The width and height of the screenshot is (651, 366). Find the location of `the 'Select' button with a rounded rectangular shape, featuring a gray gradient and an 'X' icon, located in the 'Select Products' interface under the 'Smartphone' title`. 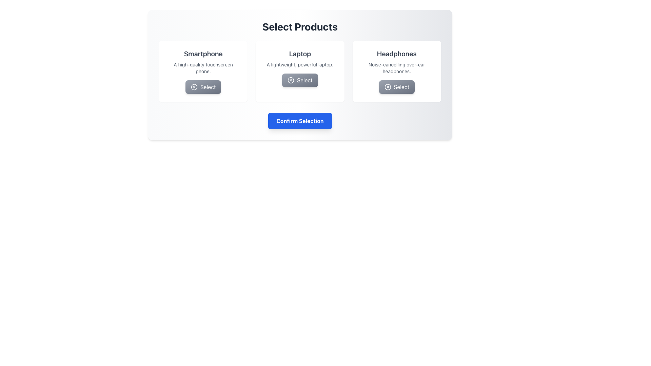

the 'Select' button with a rounded rectangular shape, featuring a gray gradient and an 'X' icon, located in the 'Select Products' interface under the 'Smartphone' title is located at coordinates (203, 87).